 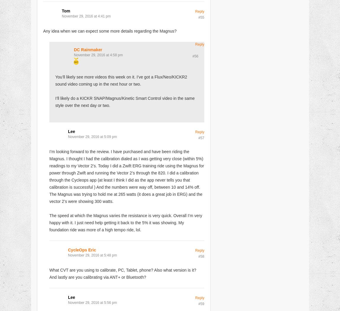 What do you see at coordinates (49, 222) in the screenshot?
I see `'The speed at which the Magnus varies the resistance is very quick. Overall I’m very happy with it. I just need help getting it back to the 5% it was showing. My foundation ride was more of a high tempo ride, lol.'` at bounding box center [49, 222].